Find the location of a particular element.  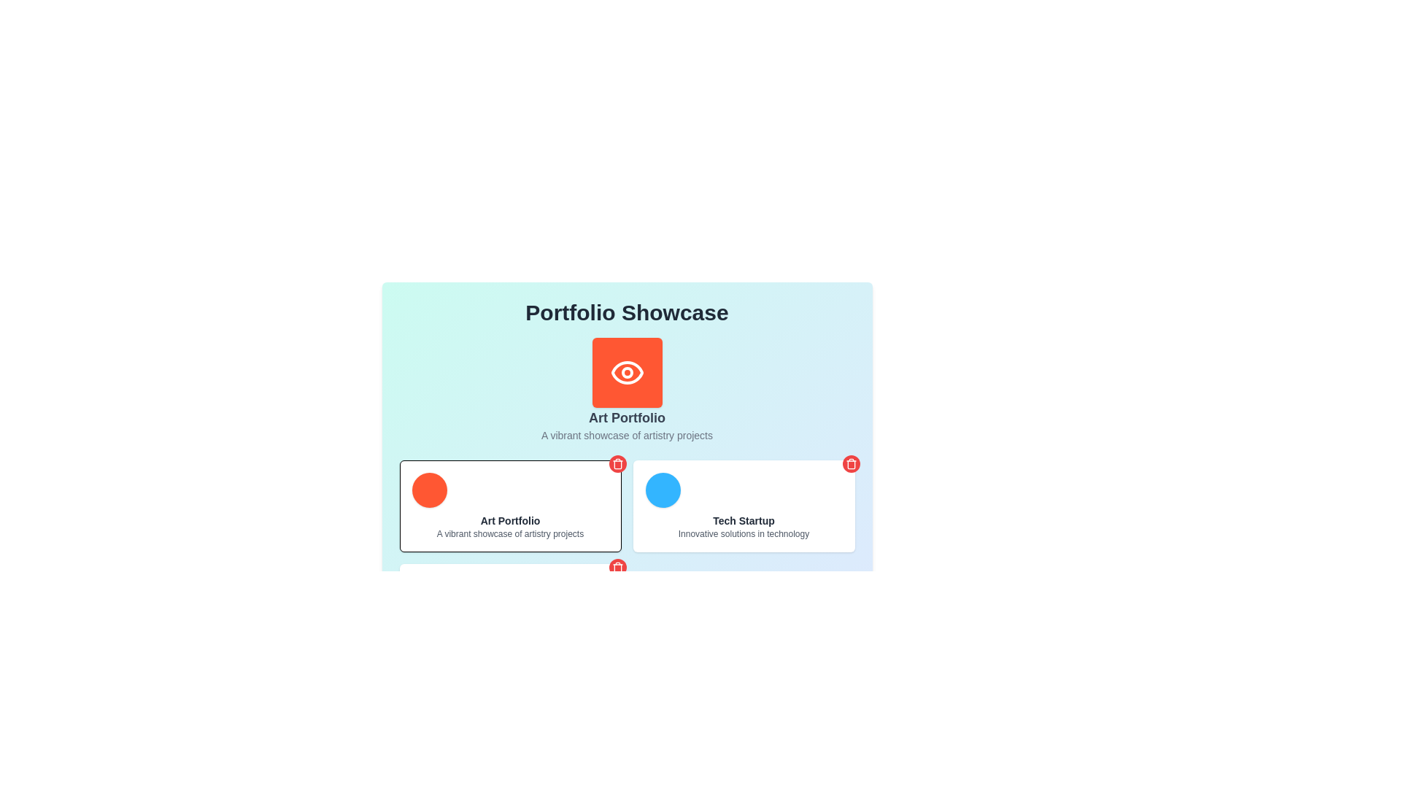

the non-interactive text label providing additional information about 'Tech Startup', located immediately below the 'Tech Startup' text in the right-bottom section of the interface is located at coordinates (744, 534).